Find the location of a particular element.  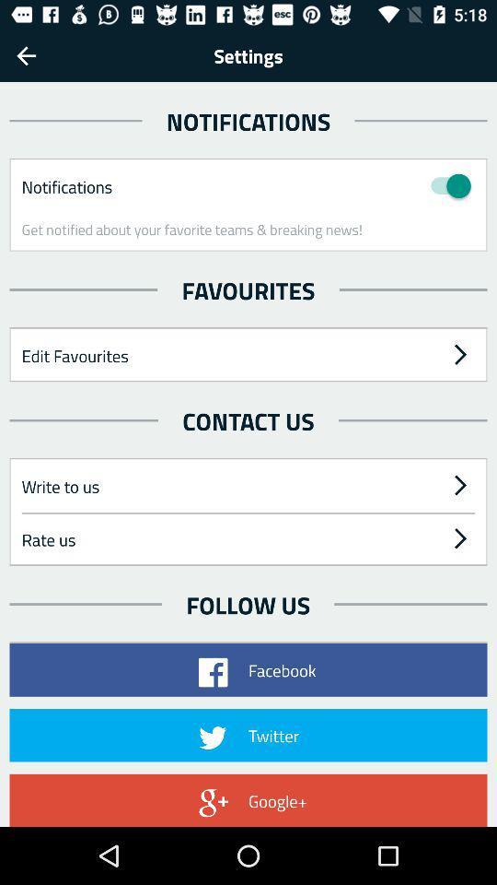

the facebook button on the web page is located at coordinates (248, 669).